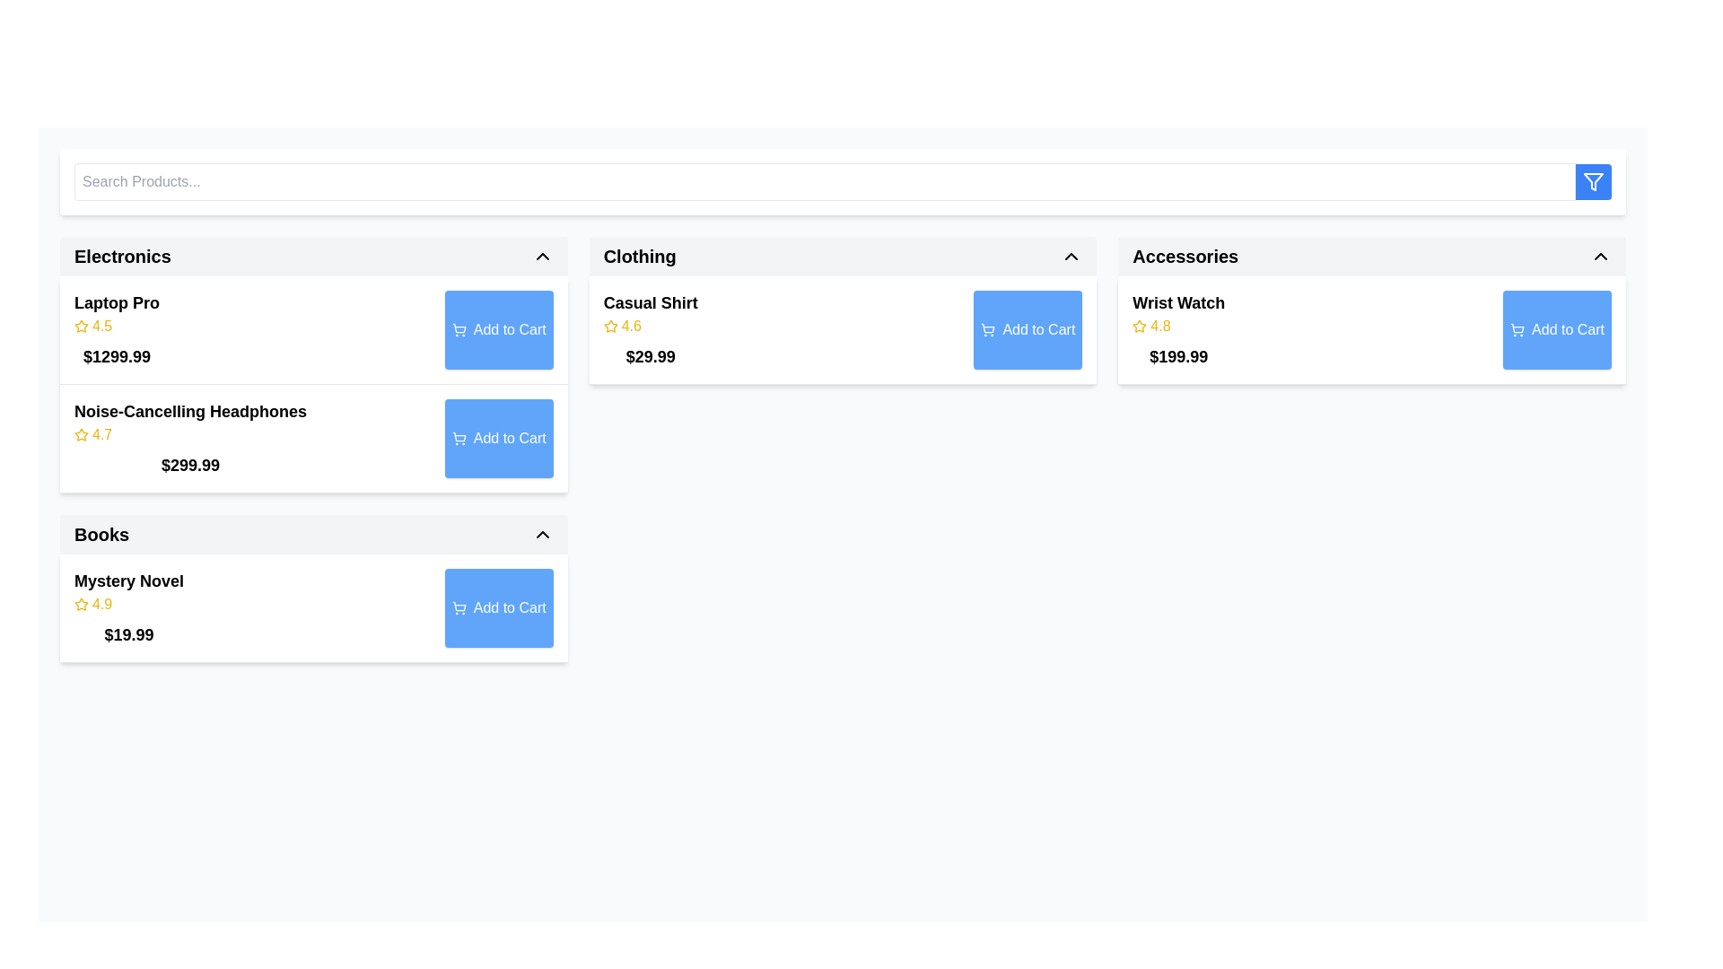 The image size is (1723, 969). Describe the element at coordinates (509, 439) in the screenshot. I see `the button labeled 'Add Noise-Cancelling Headphones to cart' which is styled with a blue background and rounded corners, located within the 'Electronics' category` at that location.